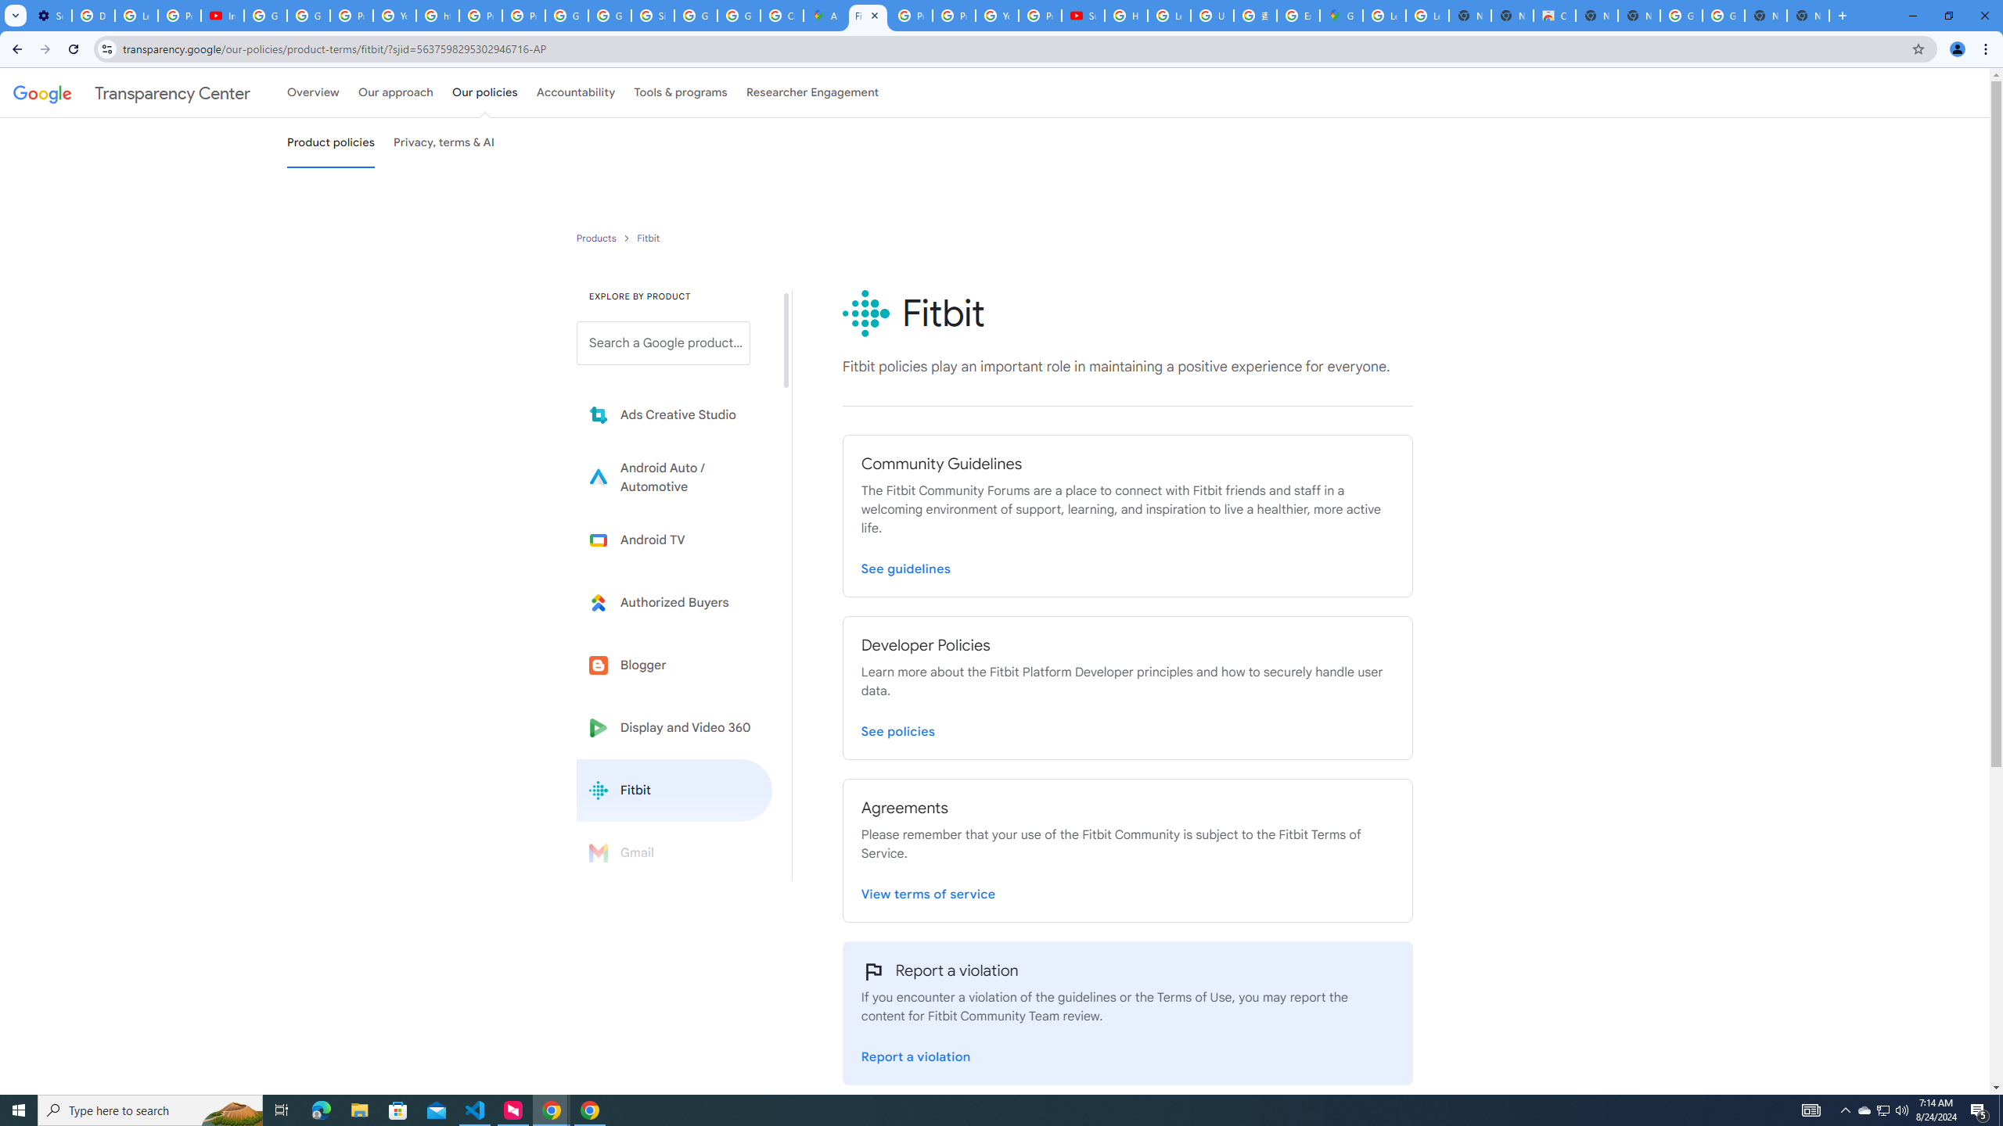 This screenshot has height=1126, width=2003. Describe the element at coordinates (674, 852) in the screenshot. I see `'Gmail'` at that location.